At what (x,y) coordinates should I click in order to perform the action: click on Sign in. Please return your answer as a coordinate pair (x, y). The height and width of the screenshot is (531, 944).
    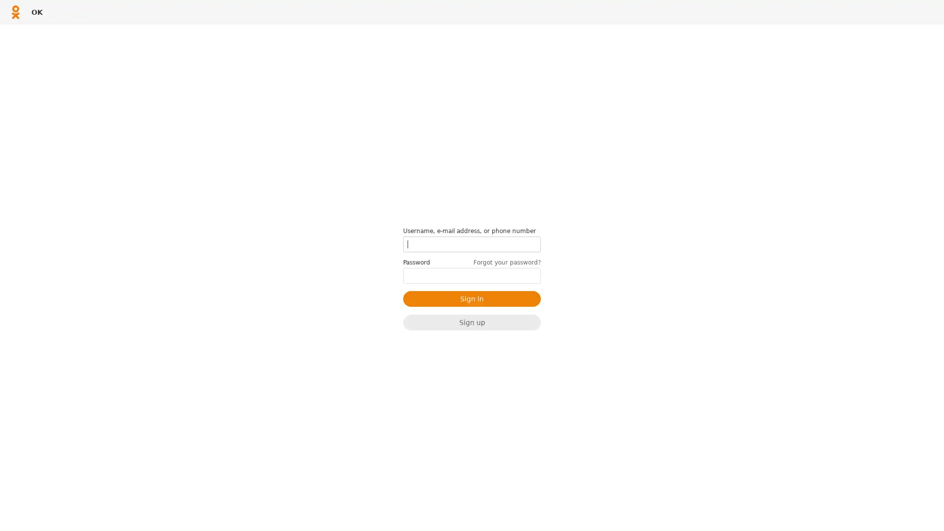
    Looking at the image, I should click on (472, 297).